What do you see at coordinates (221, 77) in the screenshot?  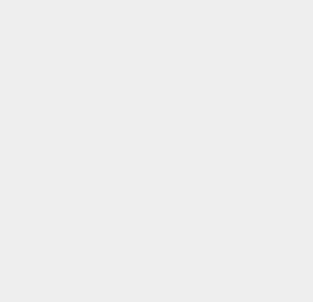 I see `'Digital Marketing'` at bounding box center [221, 77].